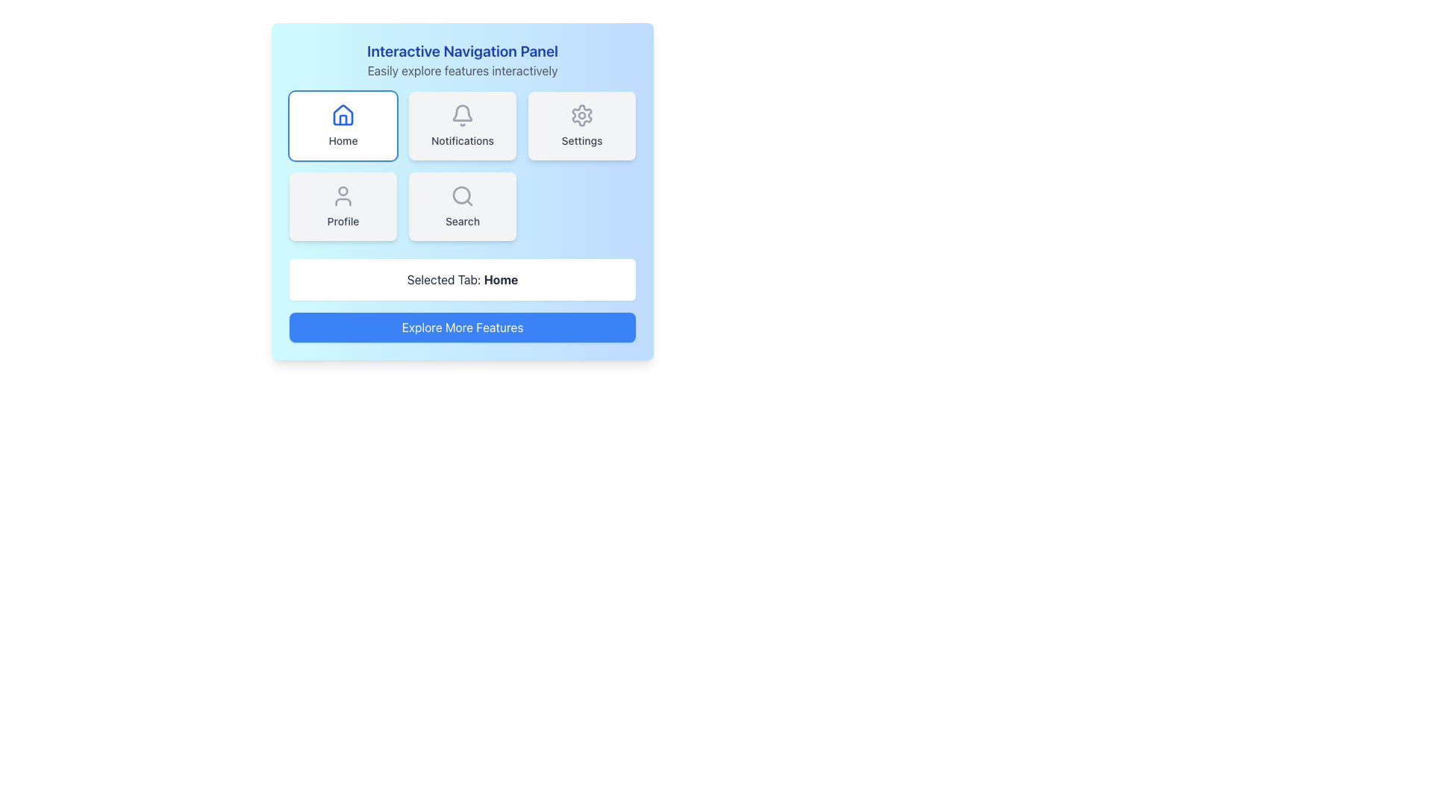 The width and height of the screenshot is (1433, 806). What do you see at coordinates (461, 194) in the screenshot?
I see `decorative circular vector element representing the lens of the search icon located at the bottom-right portion of the main button layout using developer tools` at bounding box center [461, 194].